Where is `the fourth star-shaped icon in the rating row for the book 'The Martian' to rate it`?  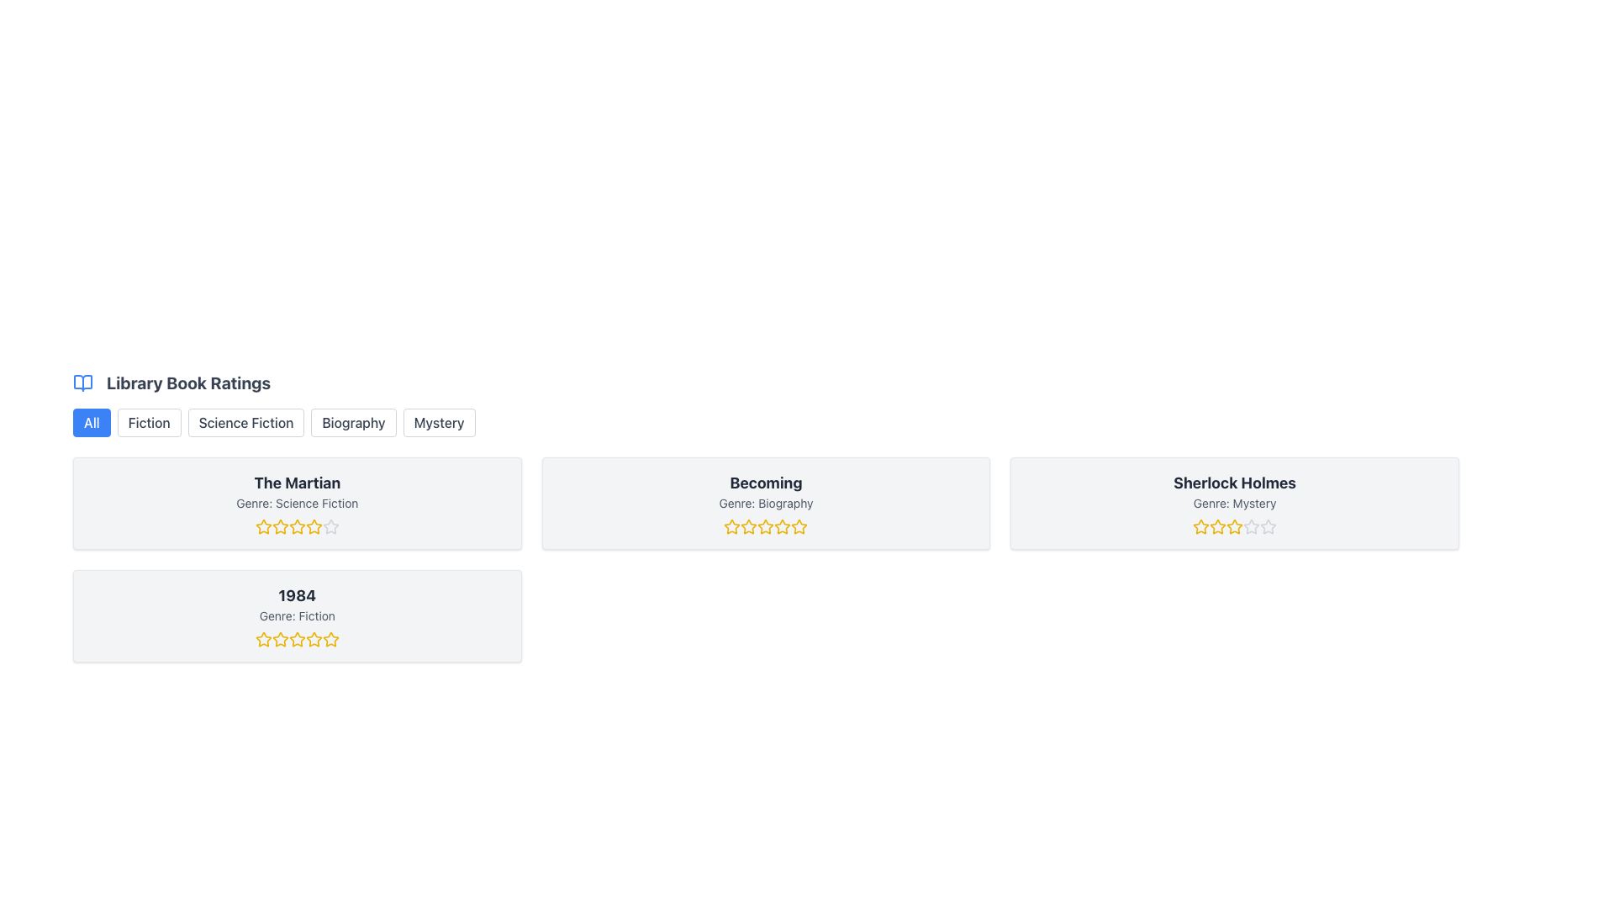
the fourth star-shaped icon in the rating row for the book 'The Martian' to rate it is located at coordinates (314, 526).